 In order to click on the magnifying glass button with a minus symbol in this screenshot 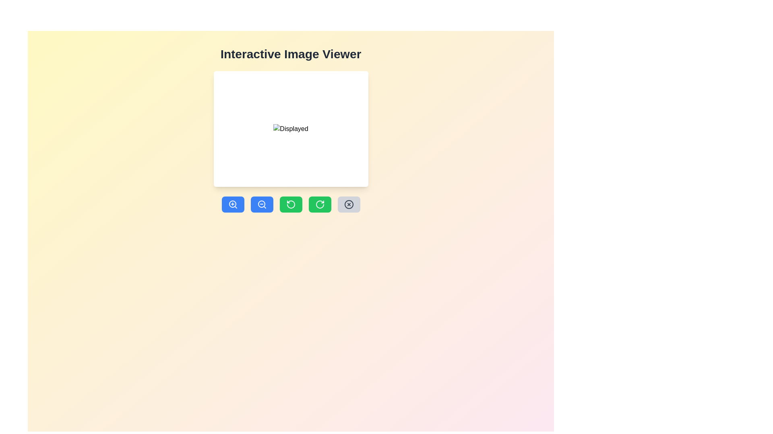, I will do `click(262, 204)`.